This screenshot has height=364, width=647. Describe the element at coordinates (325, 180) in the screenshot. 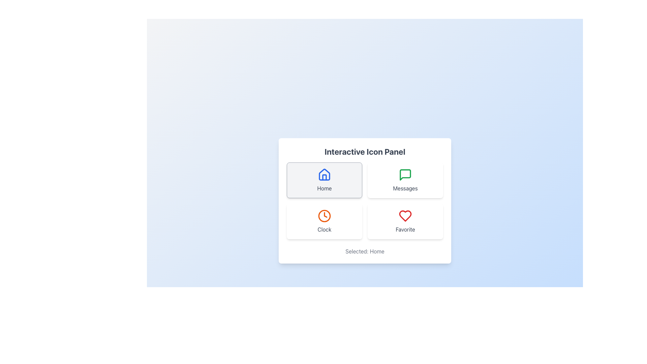

I see `the 'Home' button located in the top-left position of the 2x2 grid within the 'Interactive Icon Panel'` at that location.